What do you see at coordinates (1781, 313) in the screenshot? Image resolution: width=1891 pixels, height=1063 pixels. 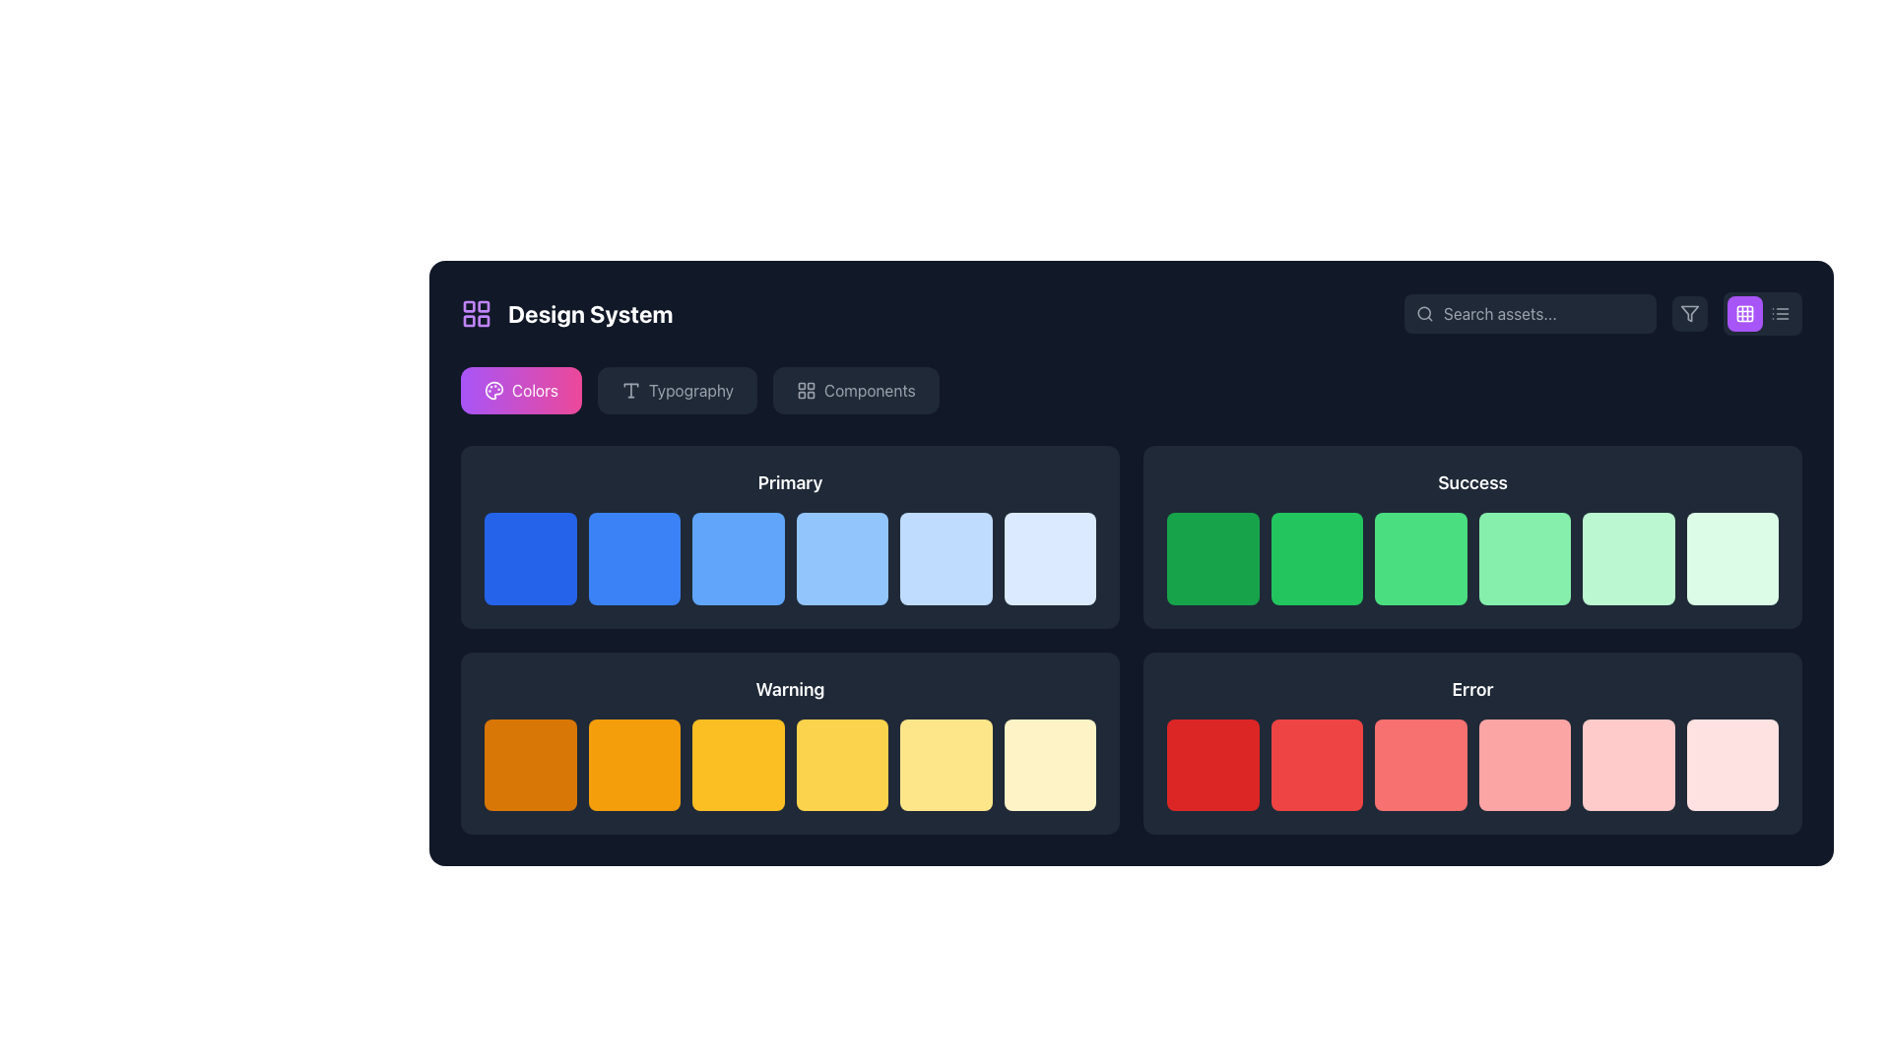 I see `the toggle button for 'list view' located at the top-right corner of the interface` at bounding box center [1781, 313].